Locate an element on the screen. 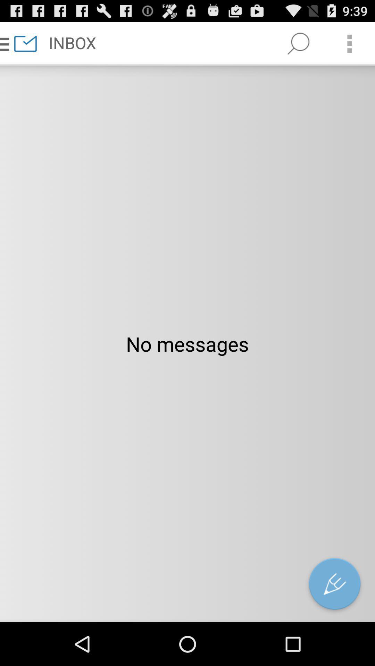 This screenshot has width=375, height=666. enables editing with a wtiting tool is located at coordinates (334, 585).